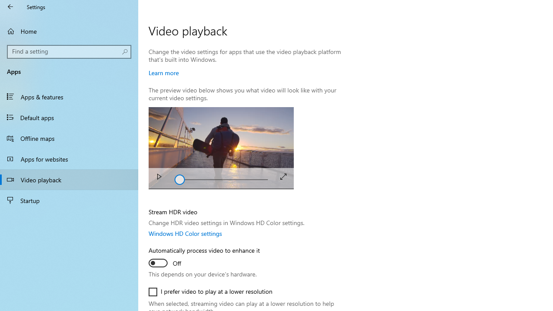  Describe the element at coordinates (69, 117) in the screenshot. I see `'Default apps'` at that location.